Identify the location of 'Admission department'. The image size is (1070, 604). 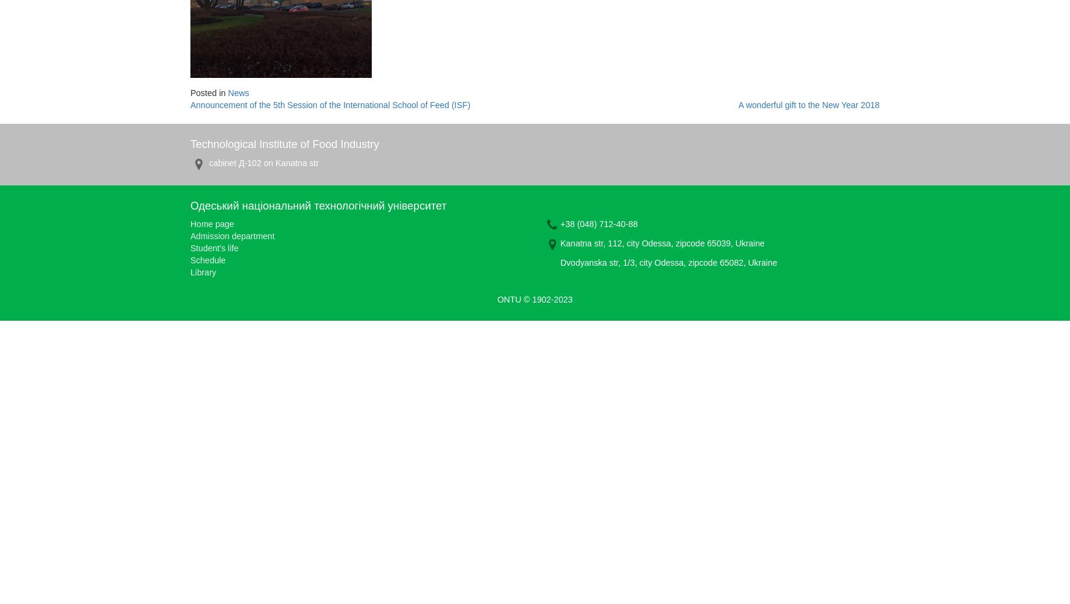
(232, 236).